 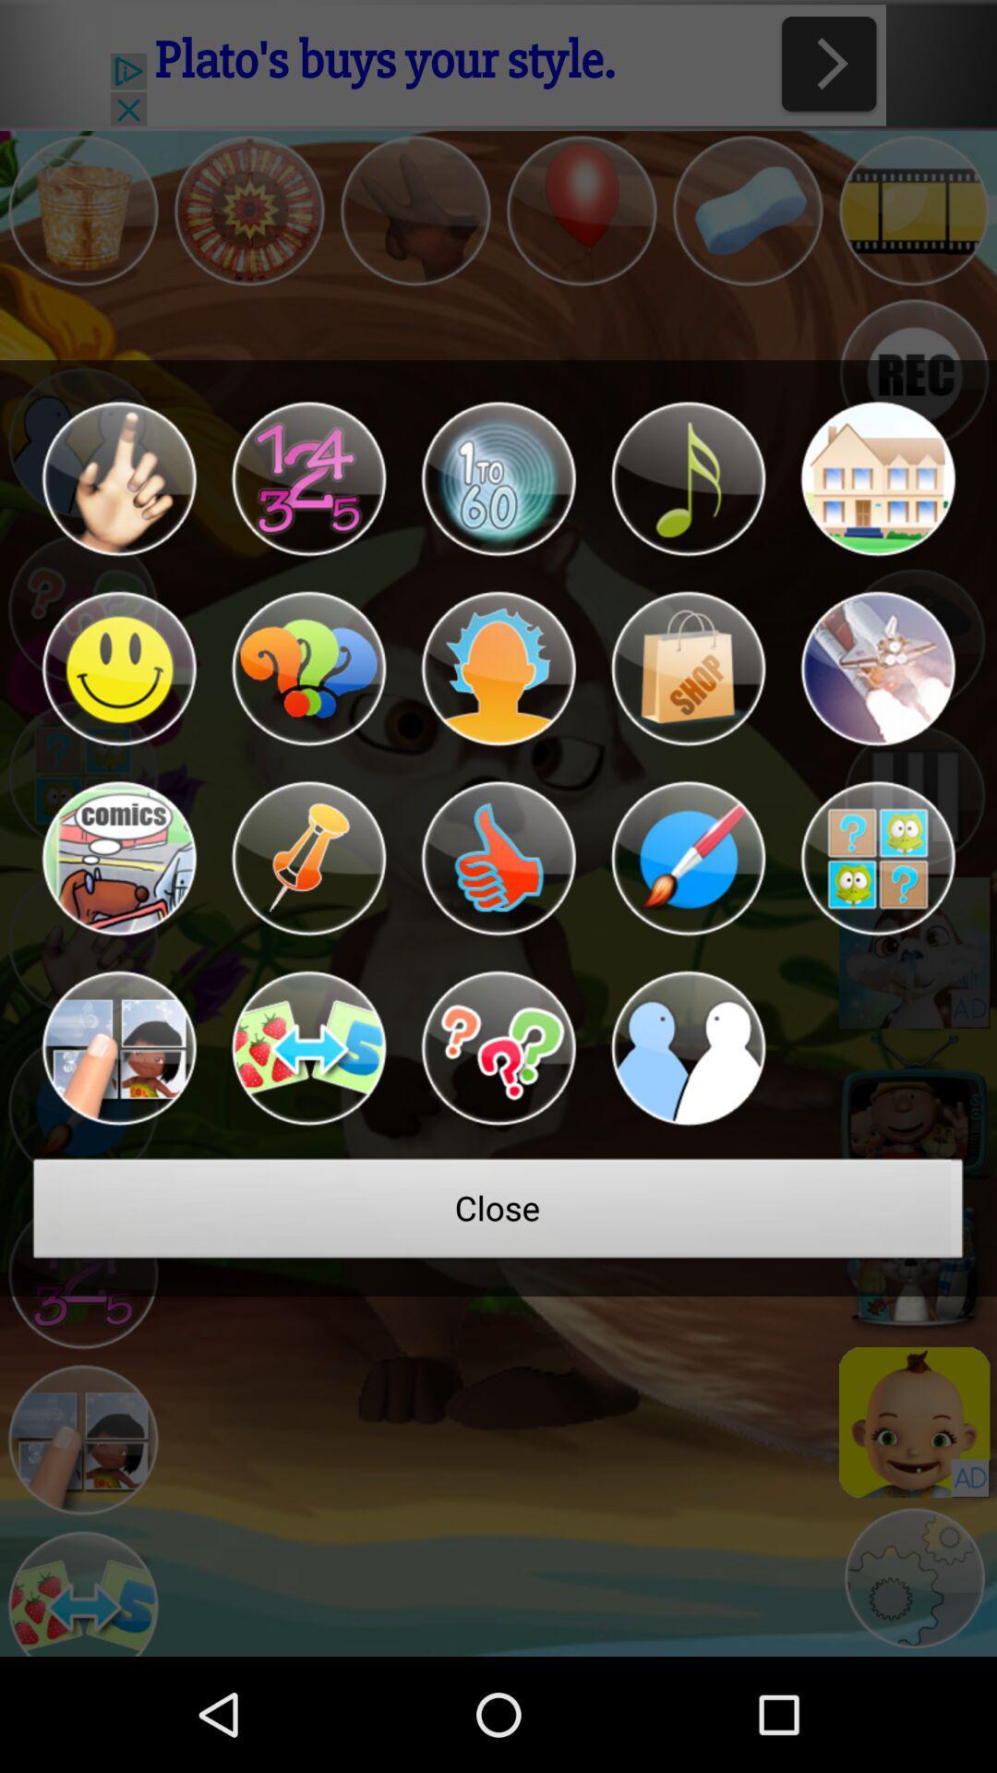 I want to click on the help icon, so click(x=307, y=715).